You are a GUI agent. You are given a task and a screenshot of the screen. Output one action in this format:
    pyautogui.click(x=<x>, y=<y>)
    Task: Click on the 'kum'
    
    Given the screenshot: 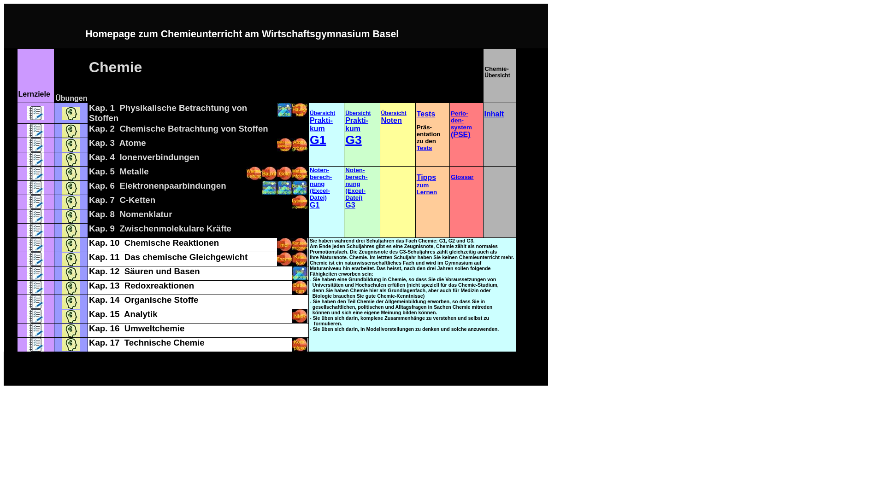 What is the action you would take?
    pyautogui.click(x=344, y=128)
    